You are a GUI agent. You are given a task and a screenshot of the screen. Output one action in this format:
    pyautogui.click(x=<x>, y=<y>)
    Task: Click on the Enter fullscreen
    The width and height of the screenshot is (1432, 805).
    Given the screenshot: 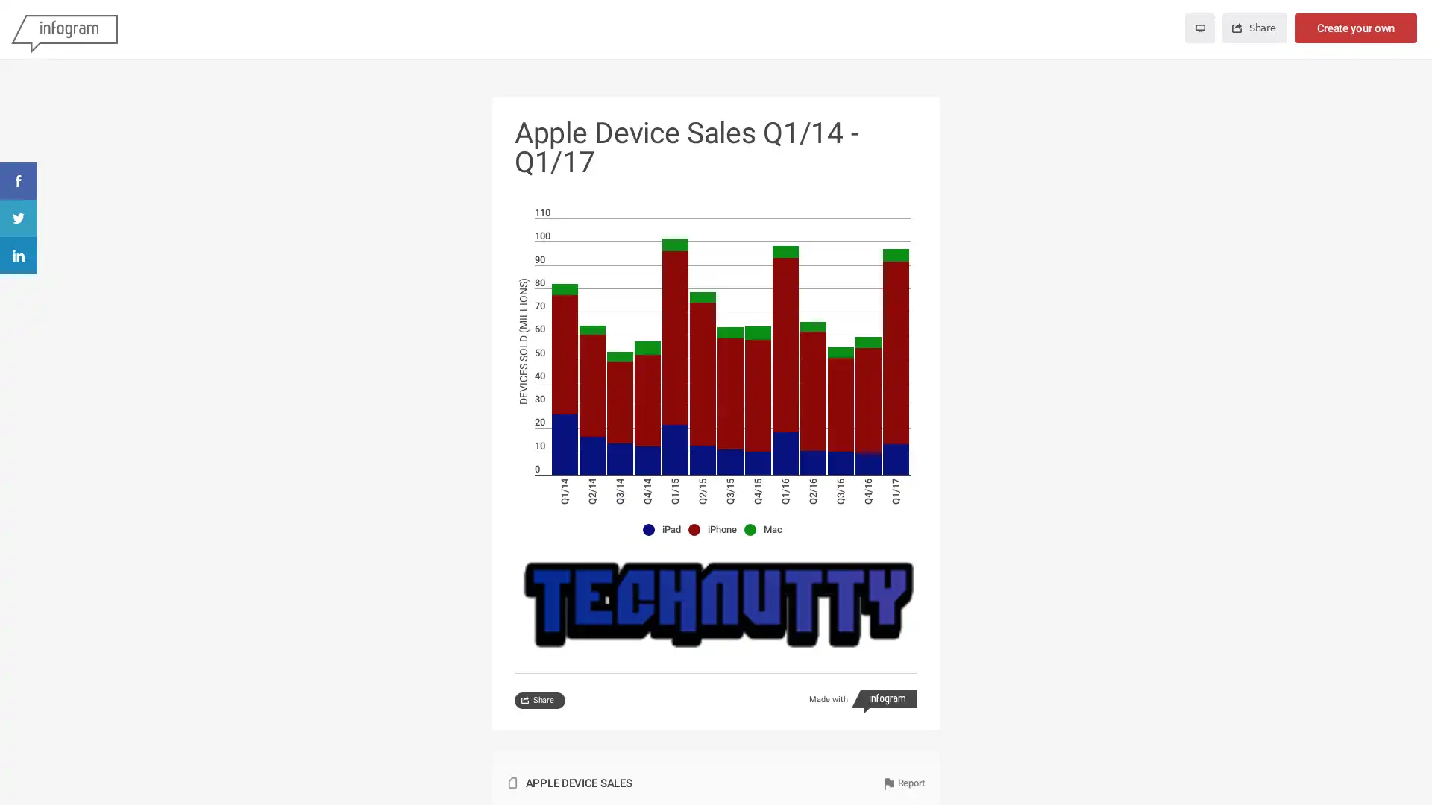 What is the action you would take?
    pyautogui.click(x=1199, y=28)
    